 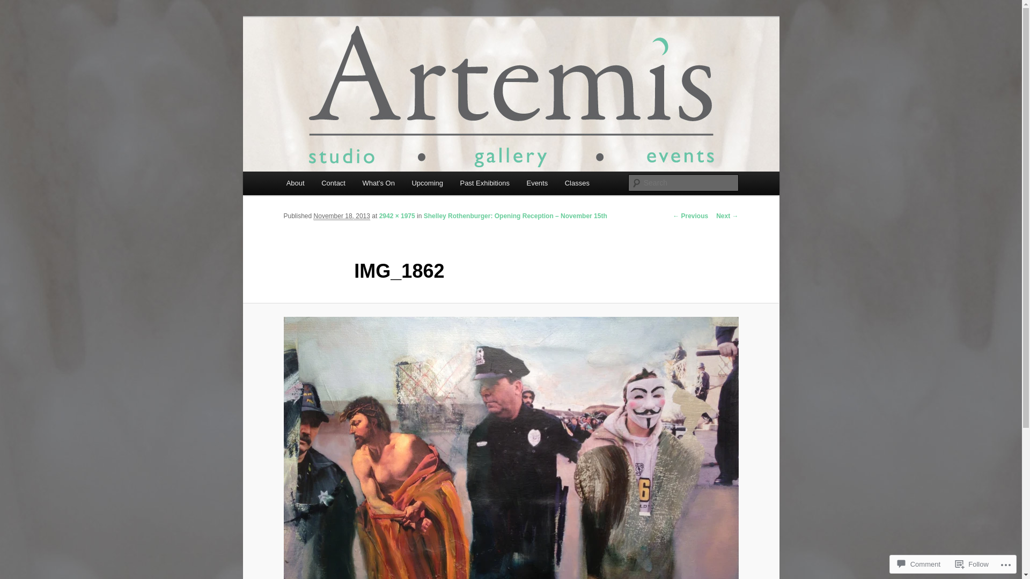 I want to click on 'About', so click(x=295, y=182).